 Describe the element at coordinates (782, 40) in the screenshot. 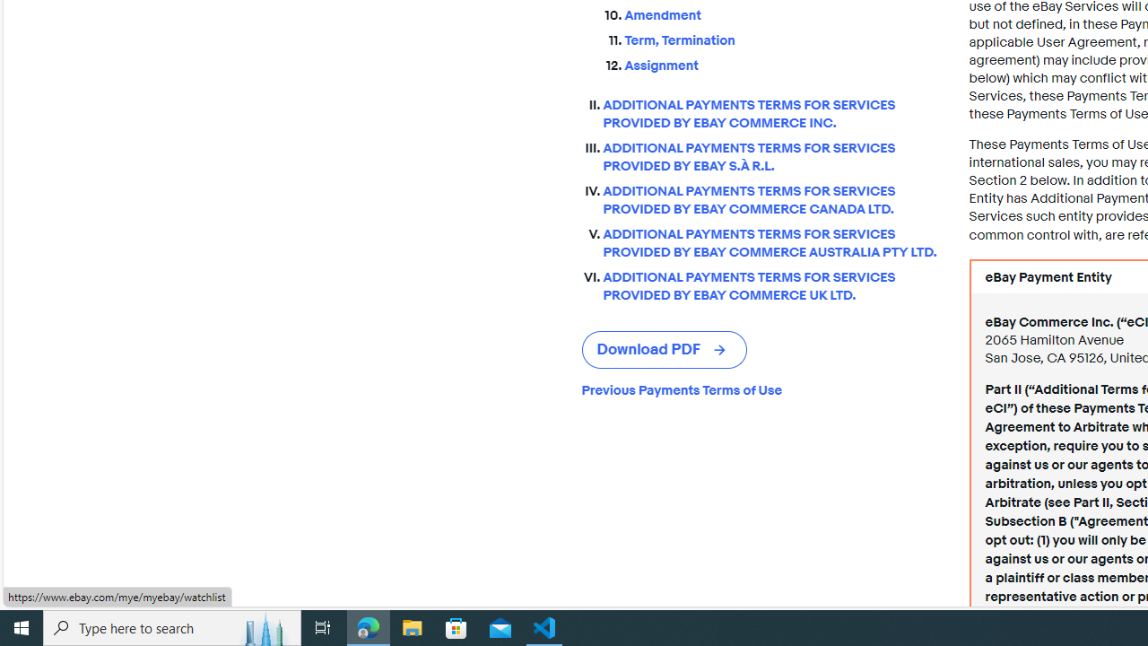

I see `'Term, Termination'` at that location.